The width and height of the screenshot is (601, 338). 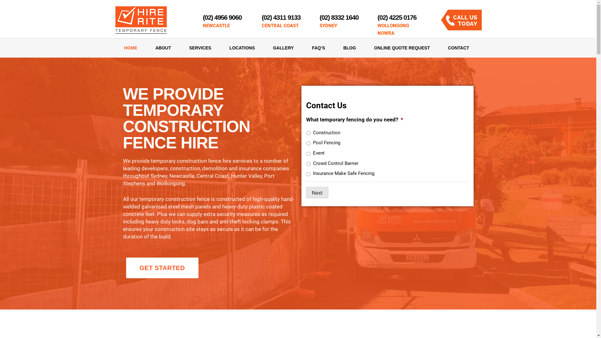 I want to click on 'CONTACT', so click(x=454, y=48).